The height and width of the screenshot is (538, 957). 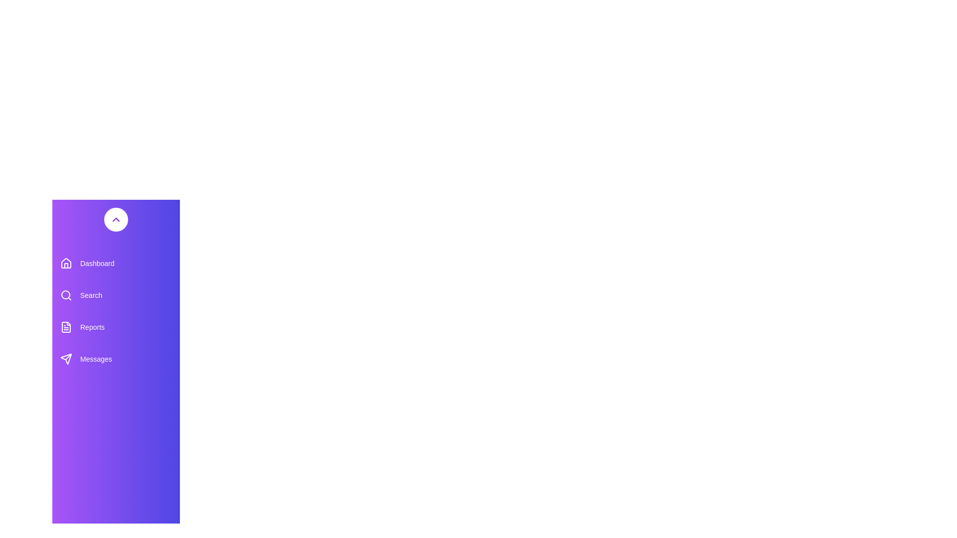 What do you see at coordinates (66, 263) in the screenshot?
I see `the house-shaped icon button with a minimalist outline and white color, located within a purple circular background, which is next to the 'Dashboard' text label in the vertical navigation menu` at bounding box center [66, 263].